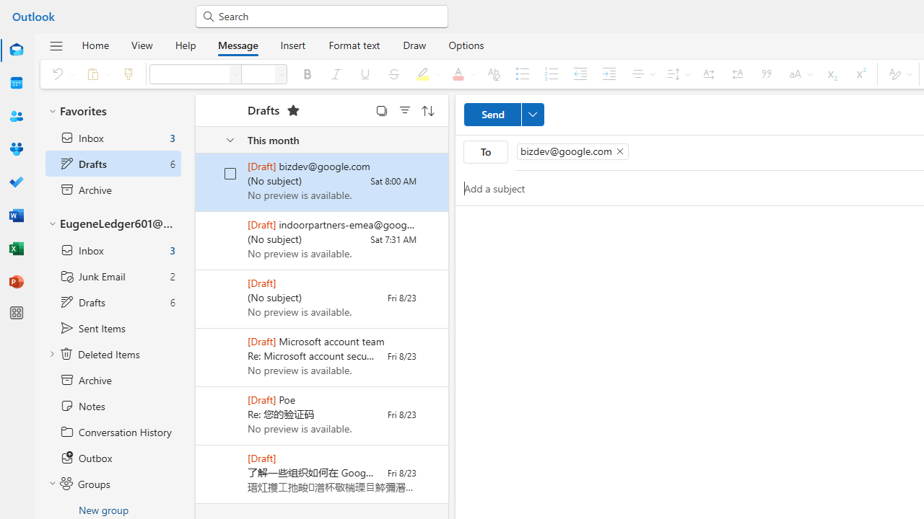 Image resolution: width=924 pixels, height=519 pixels. Describe the element at coordinates (17, 83) in the screenshot. I see `'Calendar'` at that location.